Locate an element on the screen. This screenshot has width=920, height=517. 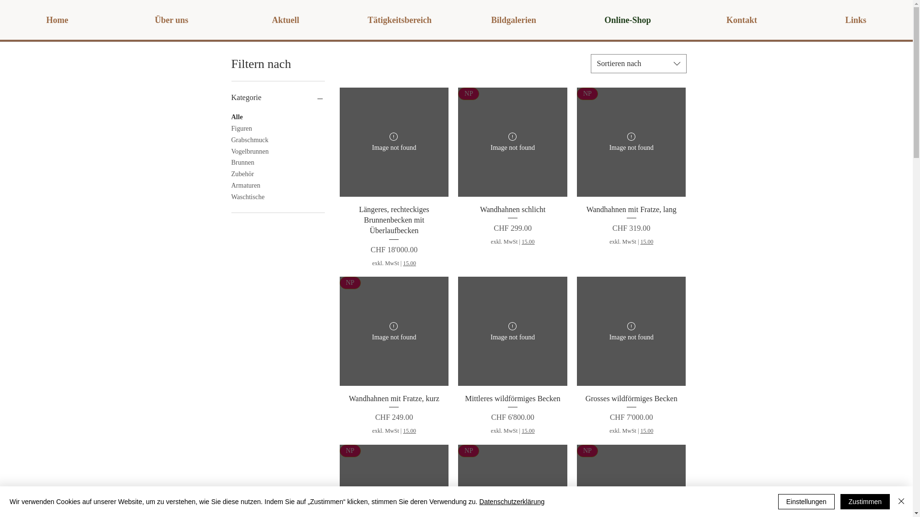
'Bildgalerien' is located at coordinates (513, 20).